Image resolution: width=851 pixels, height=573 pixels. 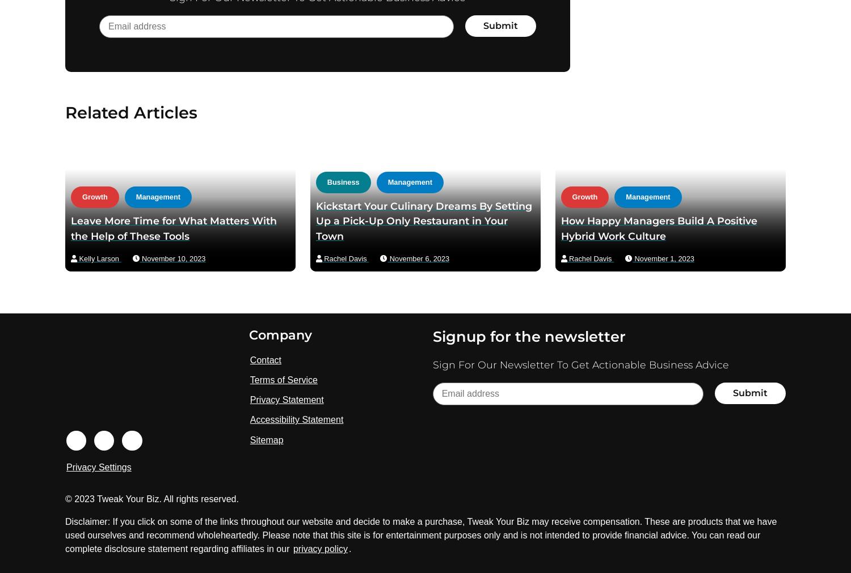 I want to click on 'November 6, 2023', so click(x=387, y=258).